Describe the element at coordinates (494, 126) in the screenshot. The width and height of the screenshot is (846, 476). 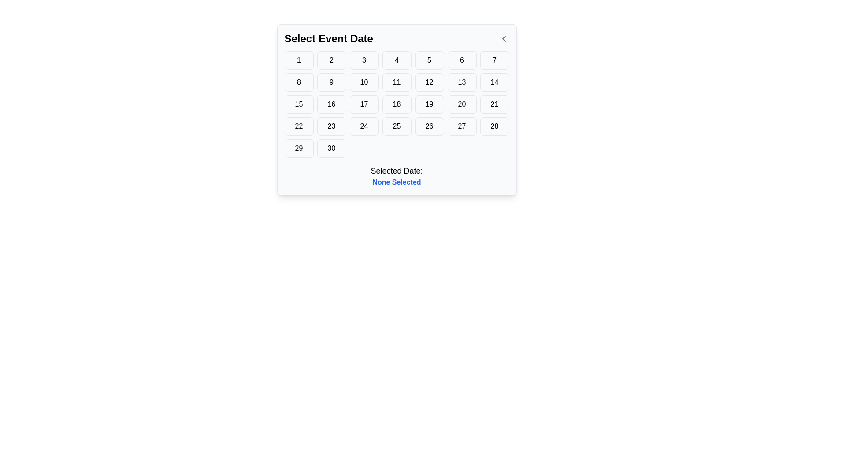
I see `the button labeled '28' which is located in the fourth row and seventh column of a grid of buttons` at that location.